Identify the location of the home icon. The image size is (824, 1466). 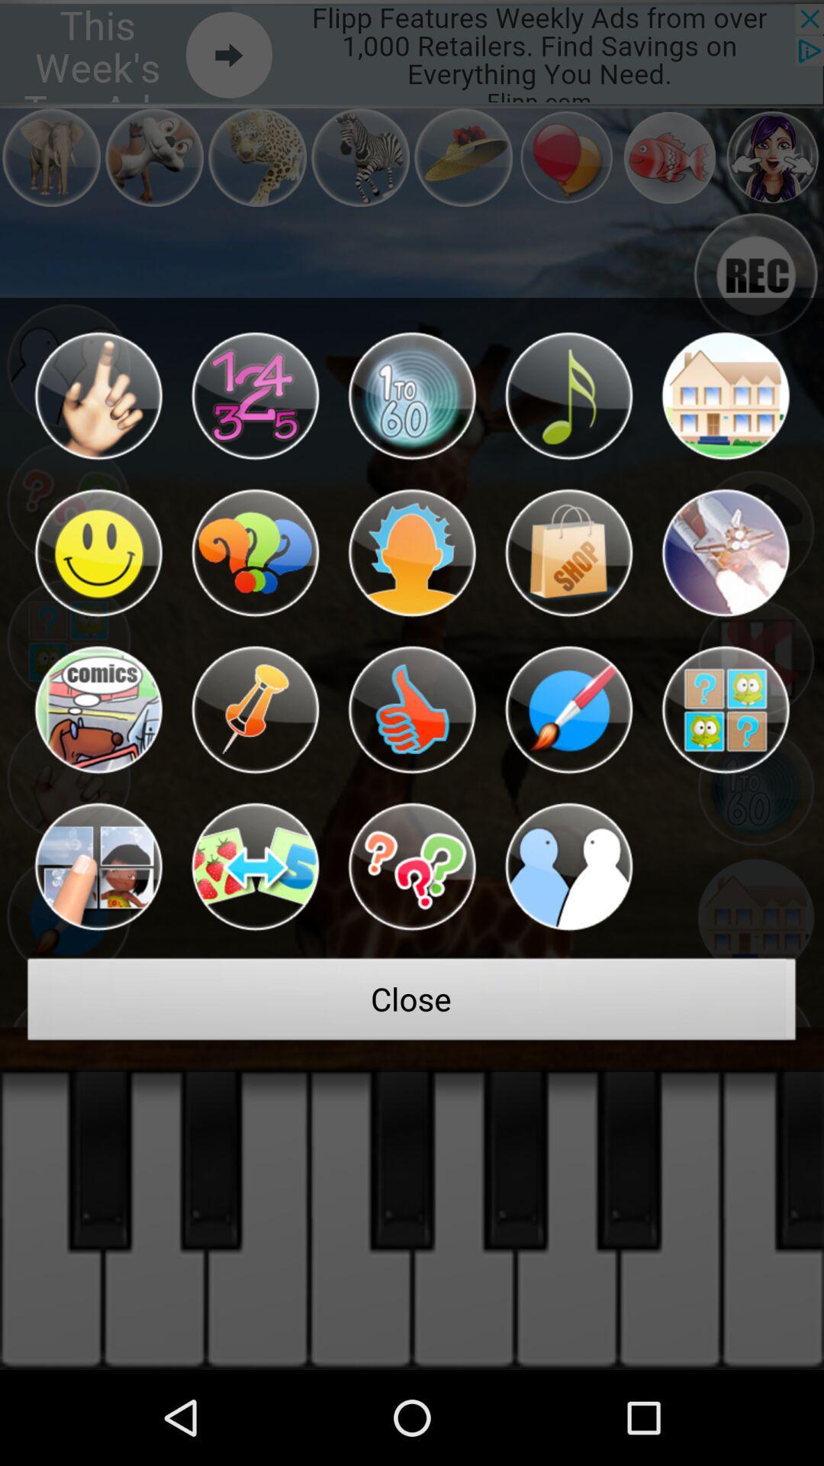
(725, 424).